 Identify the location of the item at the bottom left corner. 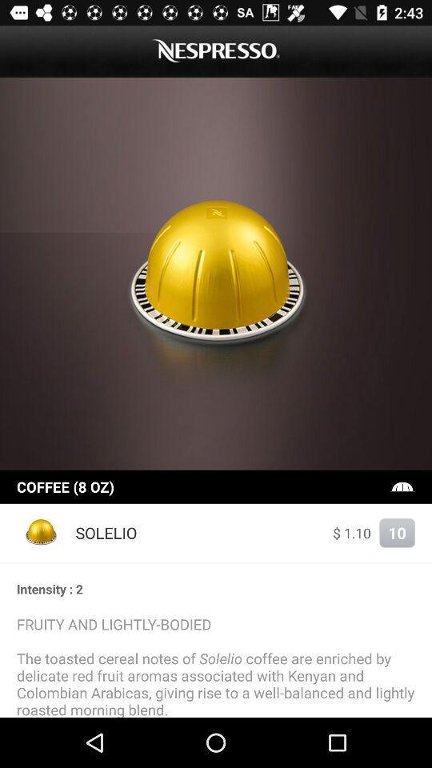
(42, 533).